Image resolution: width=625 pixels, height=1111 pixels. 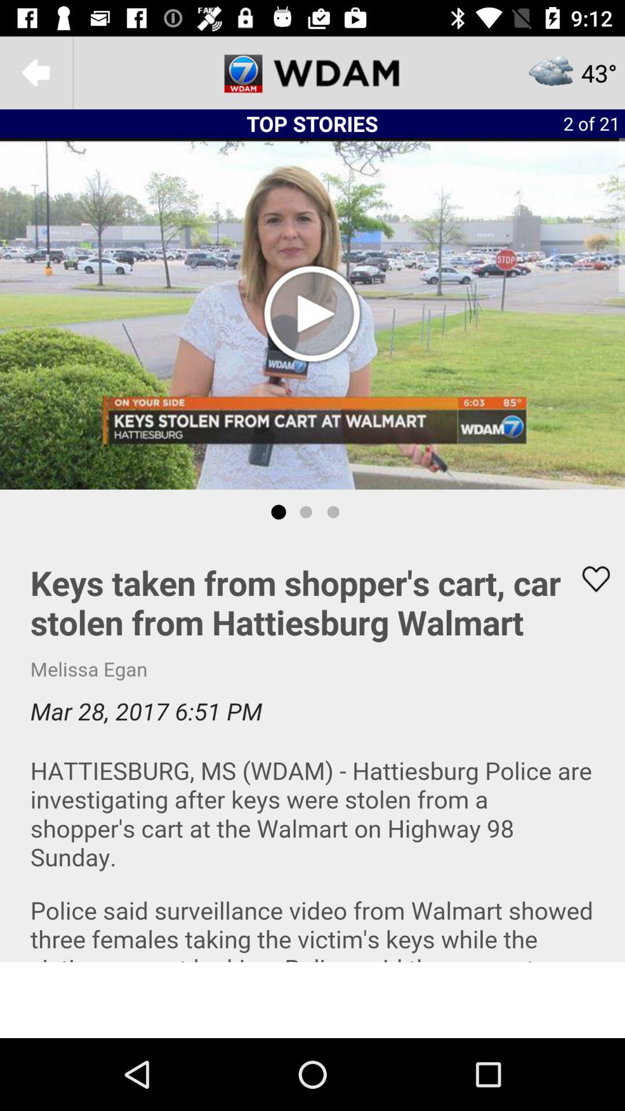 What do you see at coordinates (312, 72) in the screenshot?
I see `news channel` at bounding box center [312, 72].